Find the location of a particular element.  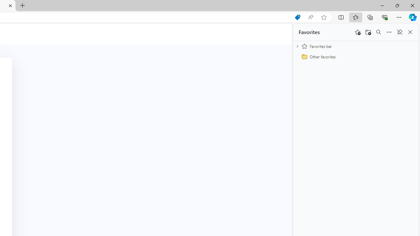

'Search favorites' is located at coordinates (378, 32).